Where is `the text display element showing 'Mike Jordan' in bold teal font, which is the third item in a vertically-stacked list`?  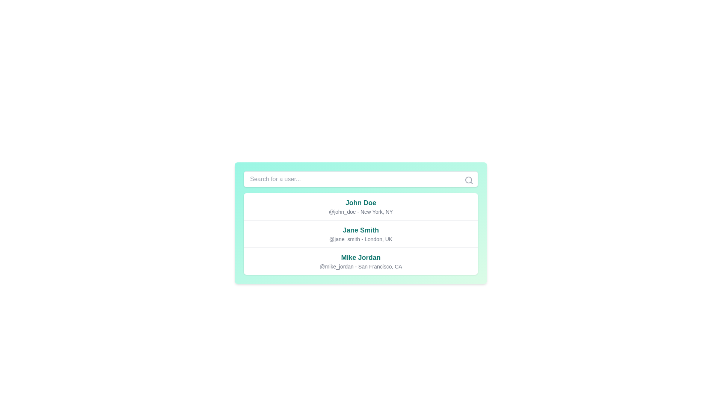
the text display element showing 'Mike Jordan' in bold teal font, which is the third item in a vertically-stacked list is located at coordinates (360, 261).